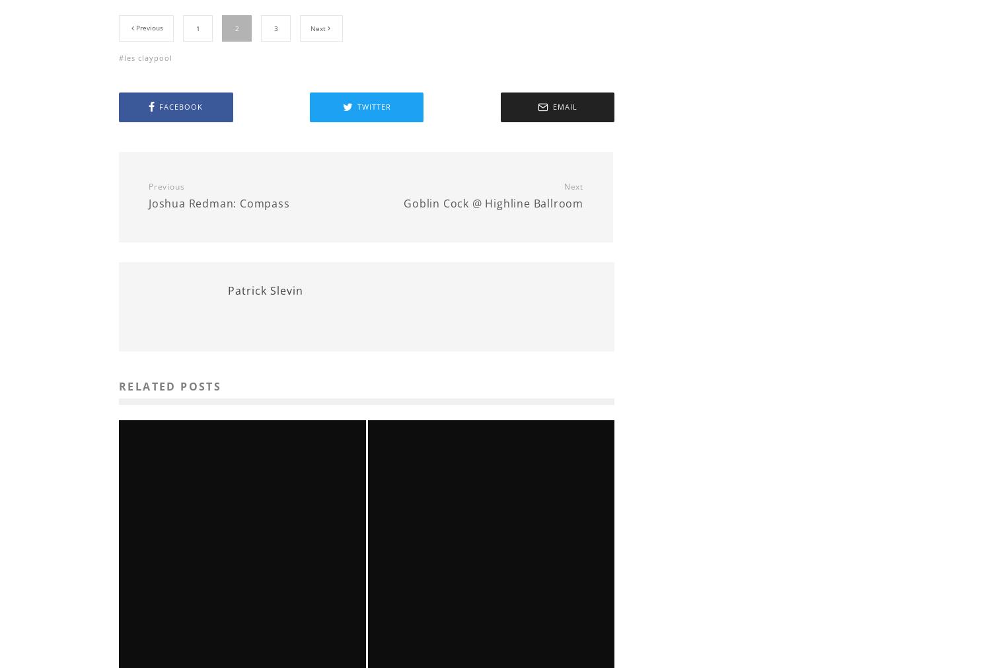  I want to click on 'les claypool', so click(147, 56).